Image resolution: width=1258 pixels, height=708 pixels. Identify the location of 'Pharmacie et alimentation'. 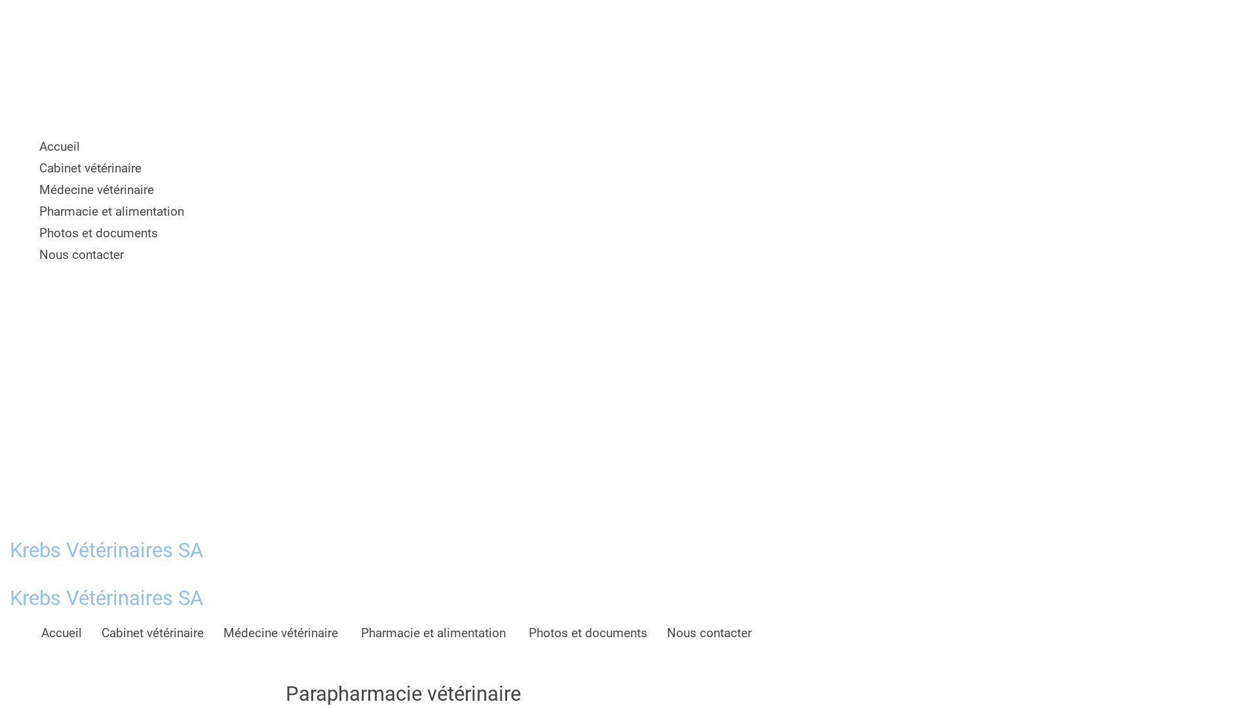
(434, 631).